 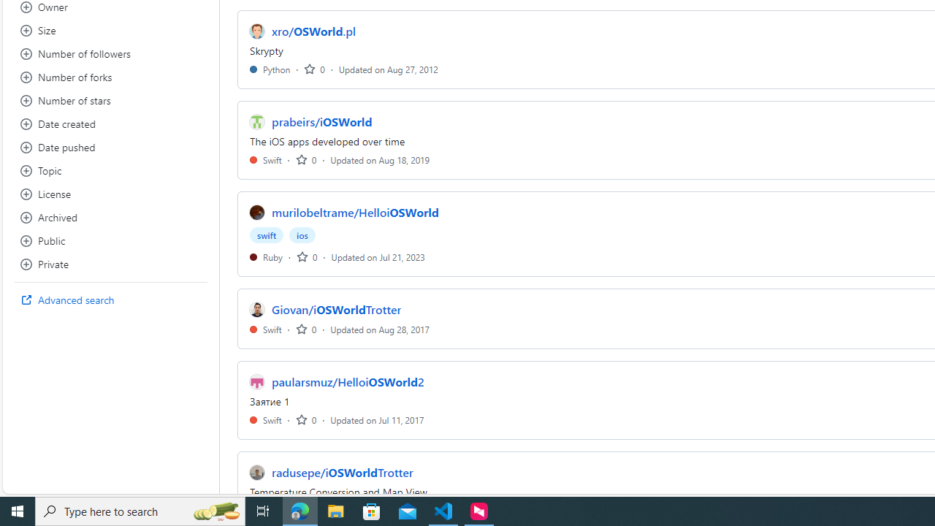 I want to click on 'Swift', so click(x=266, y=419).